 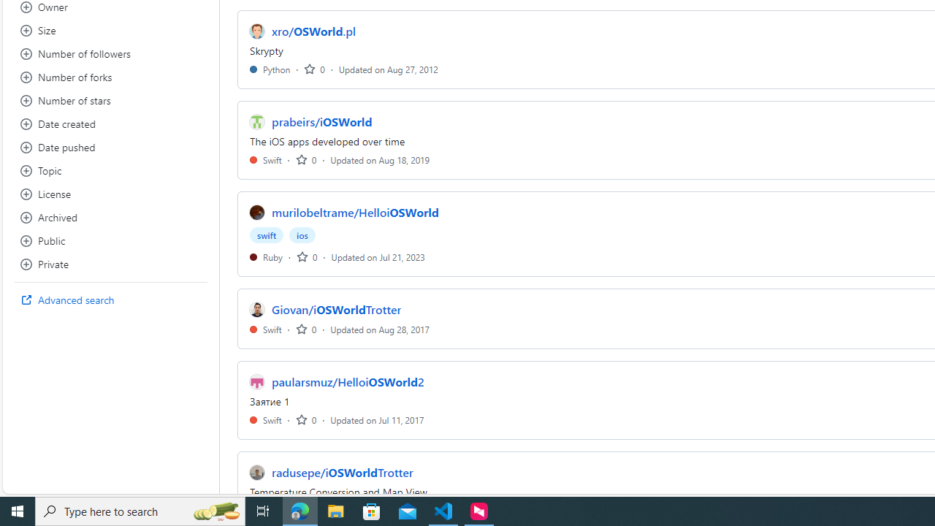 I want to click on 'Swift', so click(x=266, y=419).